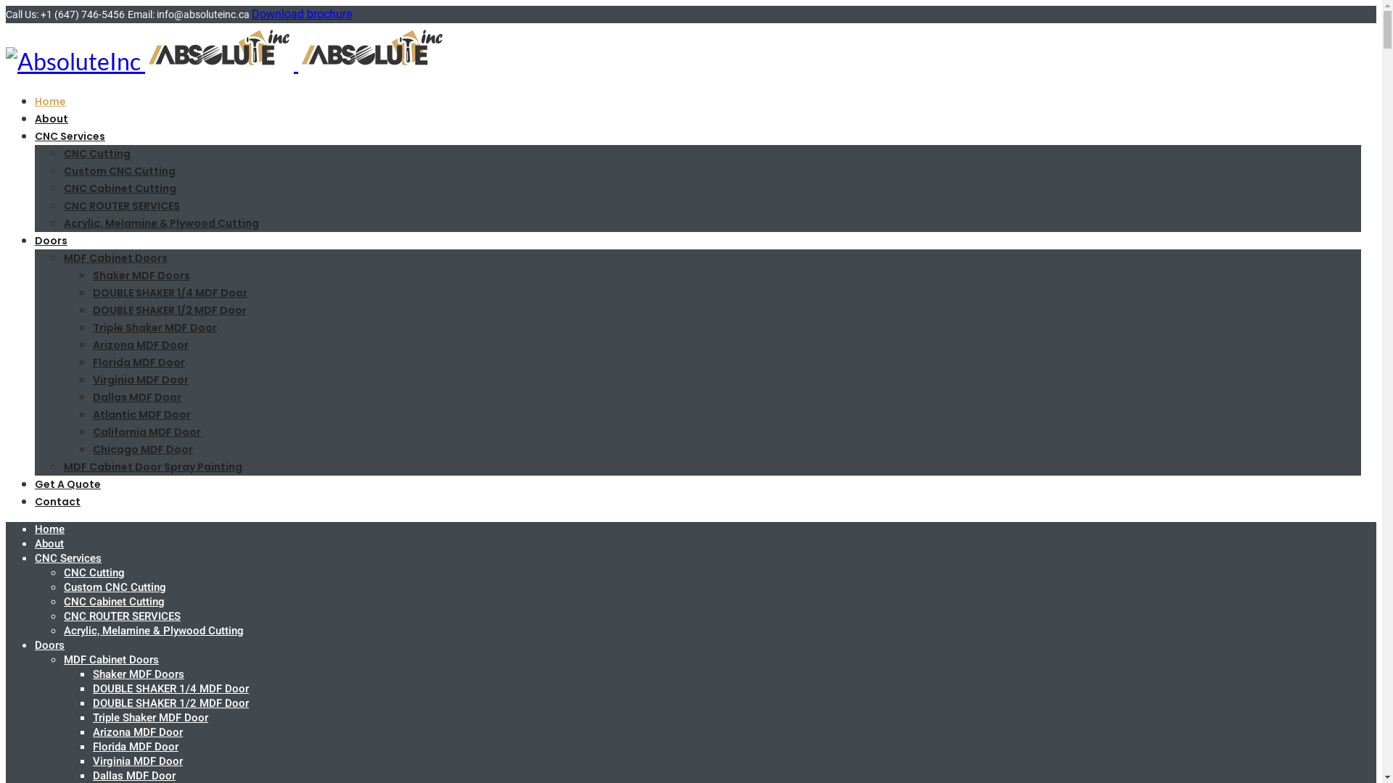  Describe the element at coordinates (50, 100) in the screenshot. I see `'Home'` at that location.